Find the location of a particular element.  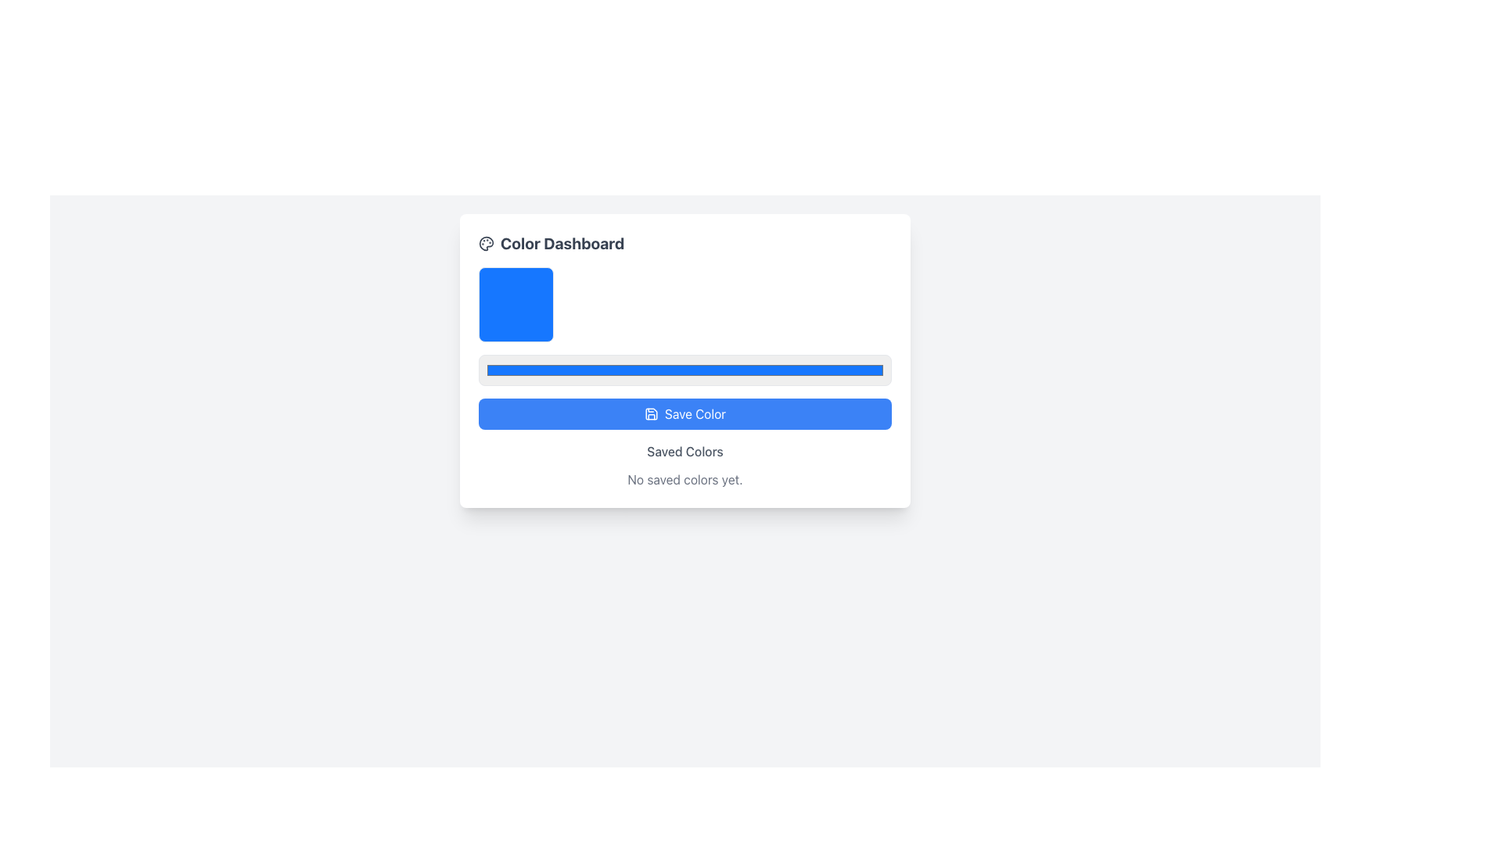

items within the 'Color Dashboard' card, which features a white background and contains interactive elements including a color picker and a 'Save Color' button is located at coordinates (685, 361).